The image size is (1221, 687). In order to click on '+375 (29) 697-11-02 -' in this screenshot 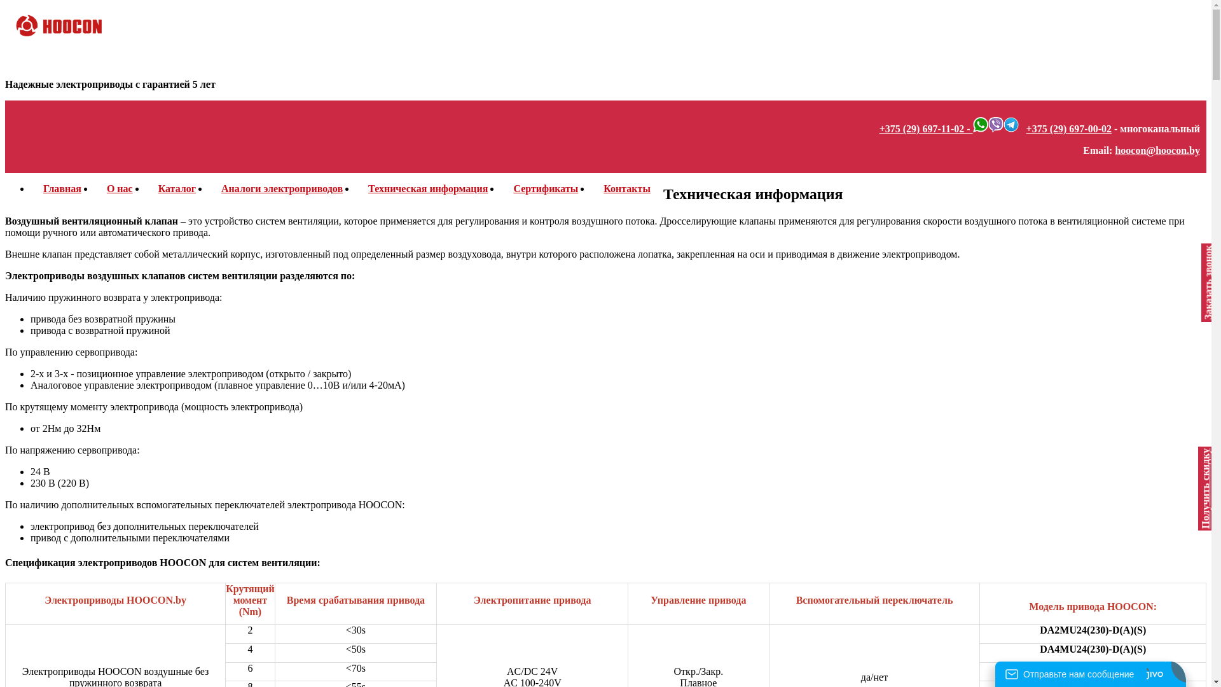, I will do `click(926, 128)`.